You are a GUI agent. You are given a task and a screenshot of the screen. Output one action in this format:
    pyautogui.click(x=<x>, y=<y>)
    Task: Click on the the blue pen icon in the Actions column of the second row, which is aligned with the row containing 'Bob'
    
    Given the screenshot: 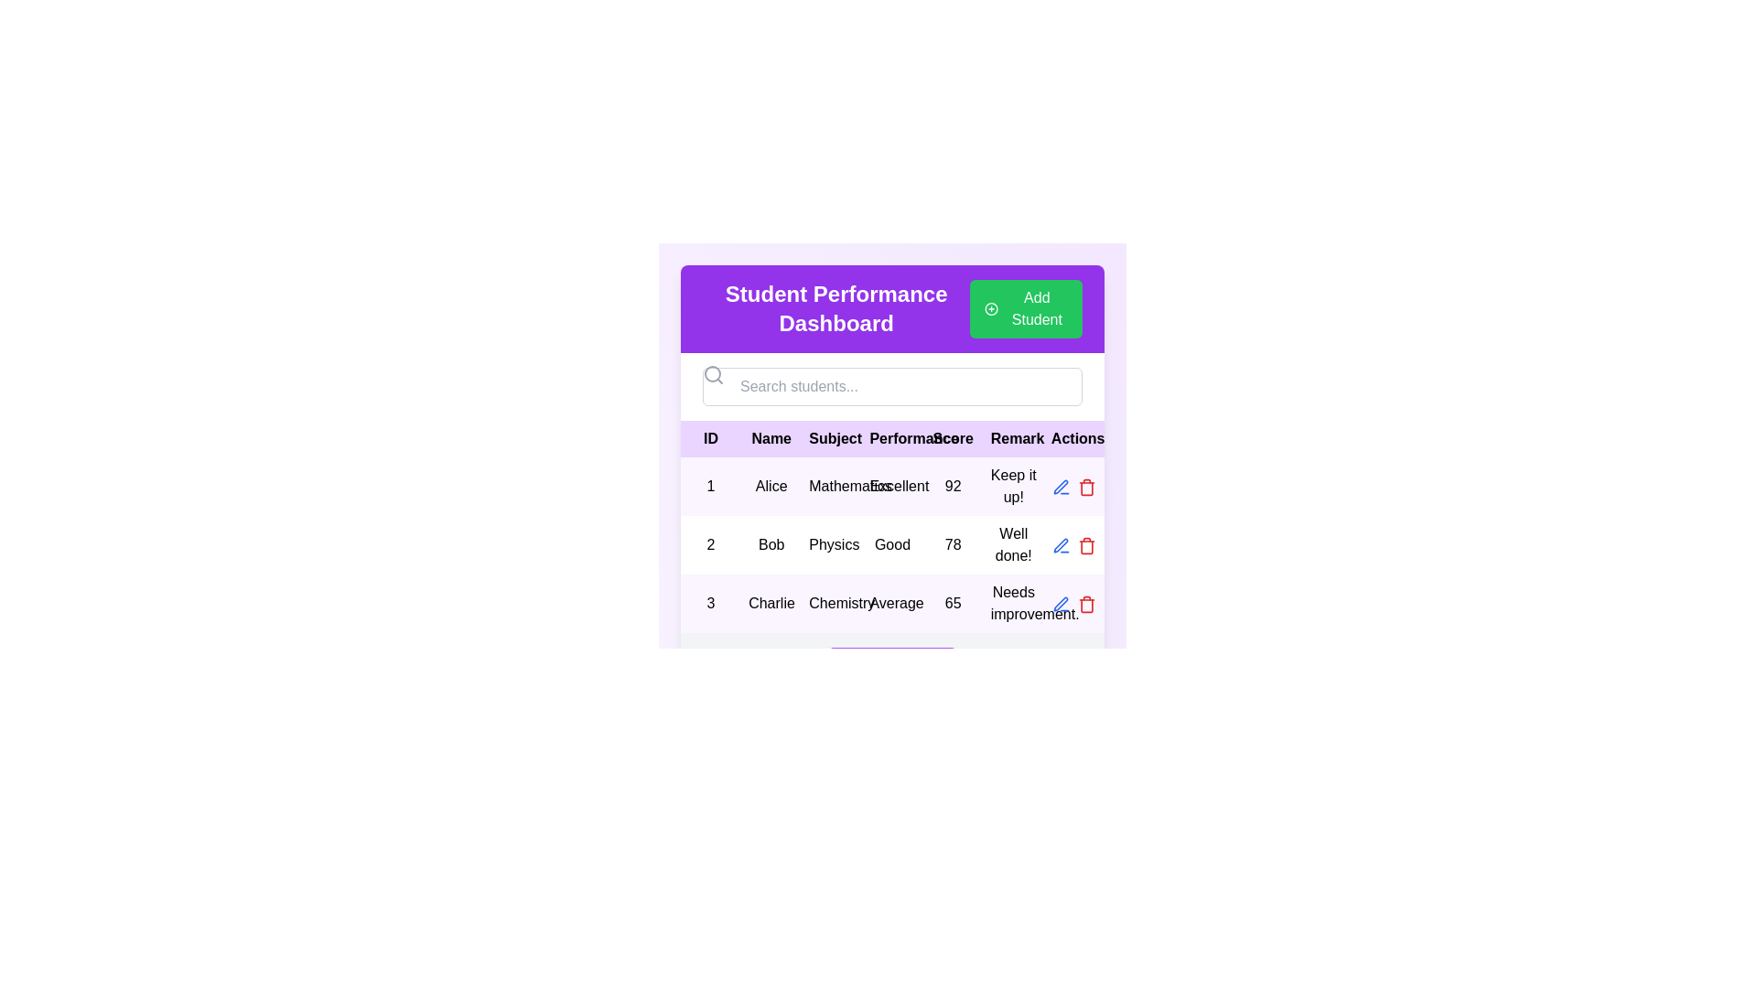 What is the action you would take?
    pyautogui.click(x=1061, y=486)
    